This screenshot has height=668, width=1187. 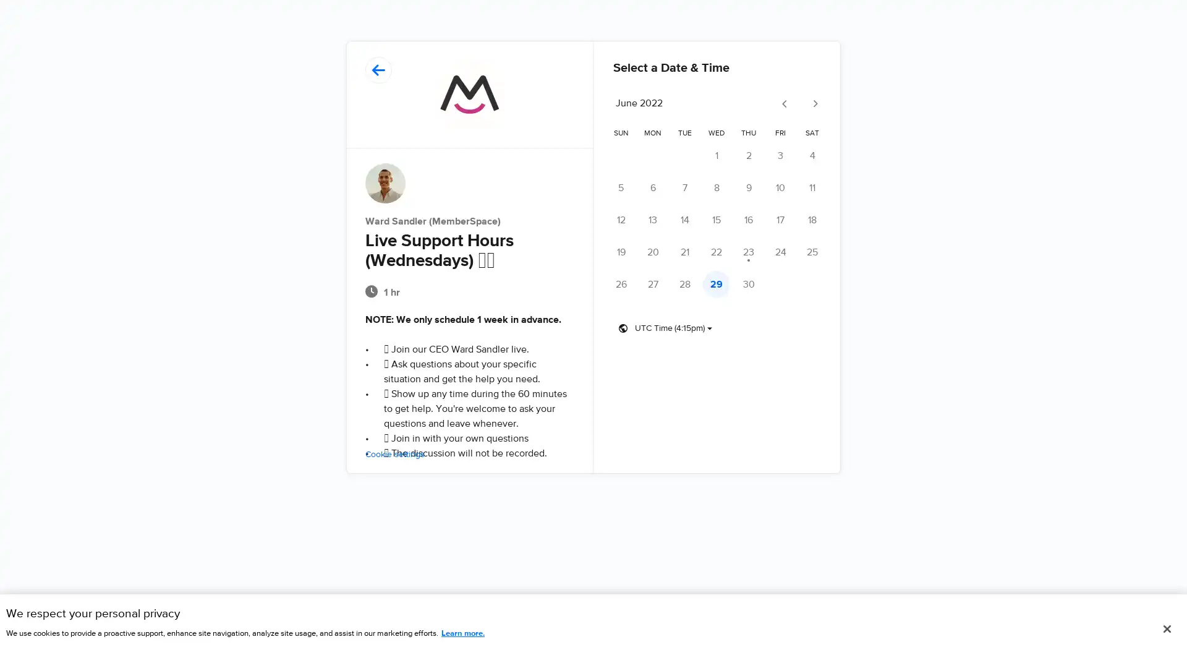 I want to click on Wednesday, June 29 - Times available, so click(x=716, y=284).